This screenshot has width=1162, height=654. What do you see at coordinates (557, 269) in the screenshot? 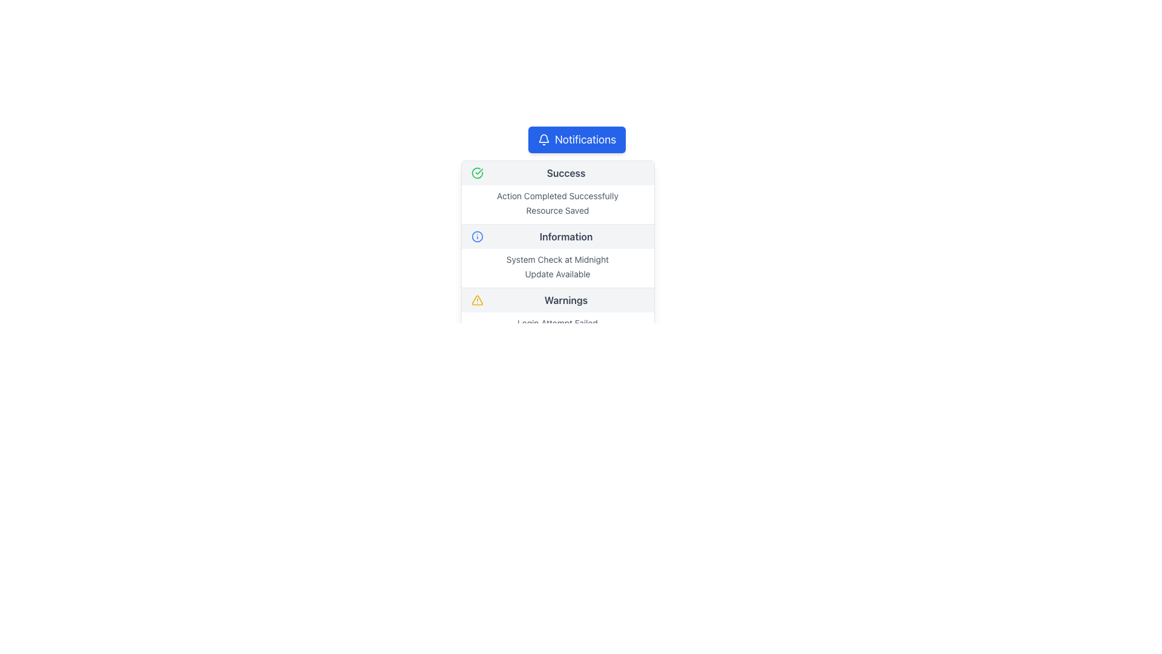
I see `the notification panel below the 'Notifications' button to read notifications` at bounding box center [557, 269].